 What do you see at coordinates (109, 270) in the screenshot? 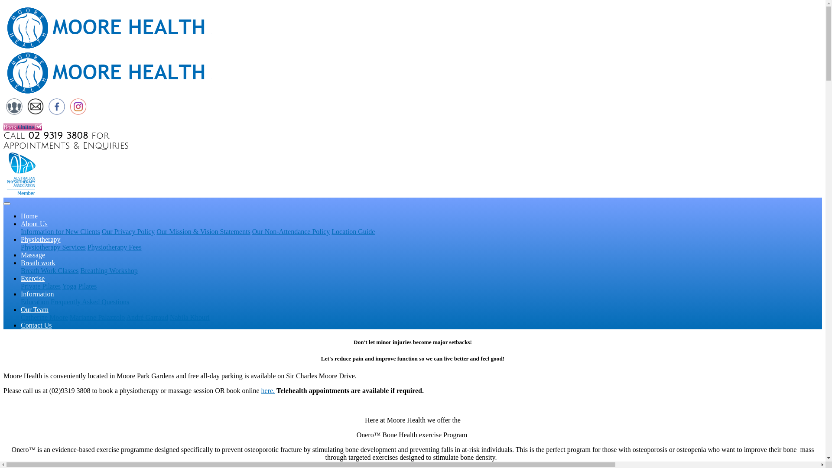
I see `'Breathing Workshop'` at bounding box center [109, 270].